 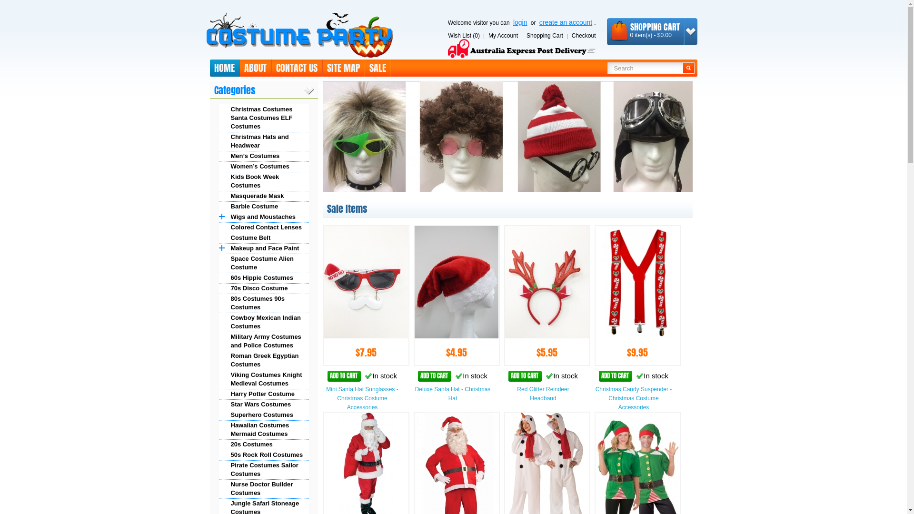 What do you see at coordinates (583, 35) in the screenshot?
I see `'Checkout'` at bounding box center [583, 35].